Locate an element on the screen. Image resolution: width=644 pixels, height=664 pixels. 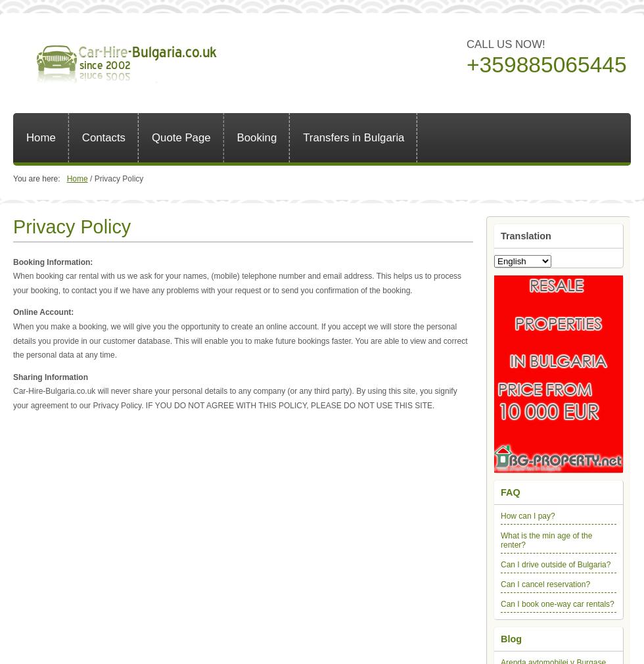
'Sharing Information' is located at coordinates (51, 375).